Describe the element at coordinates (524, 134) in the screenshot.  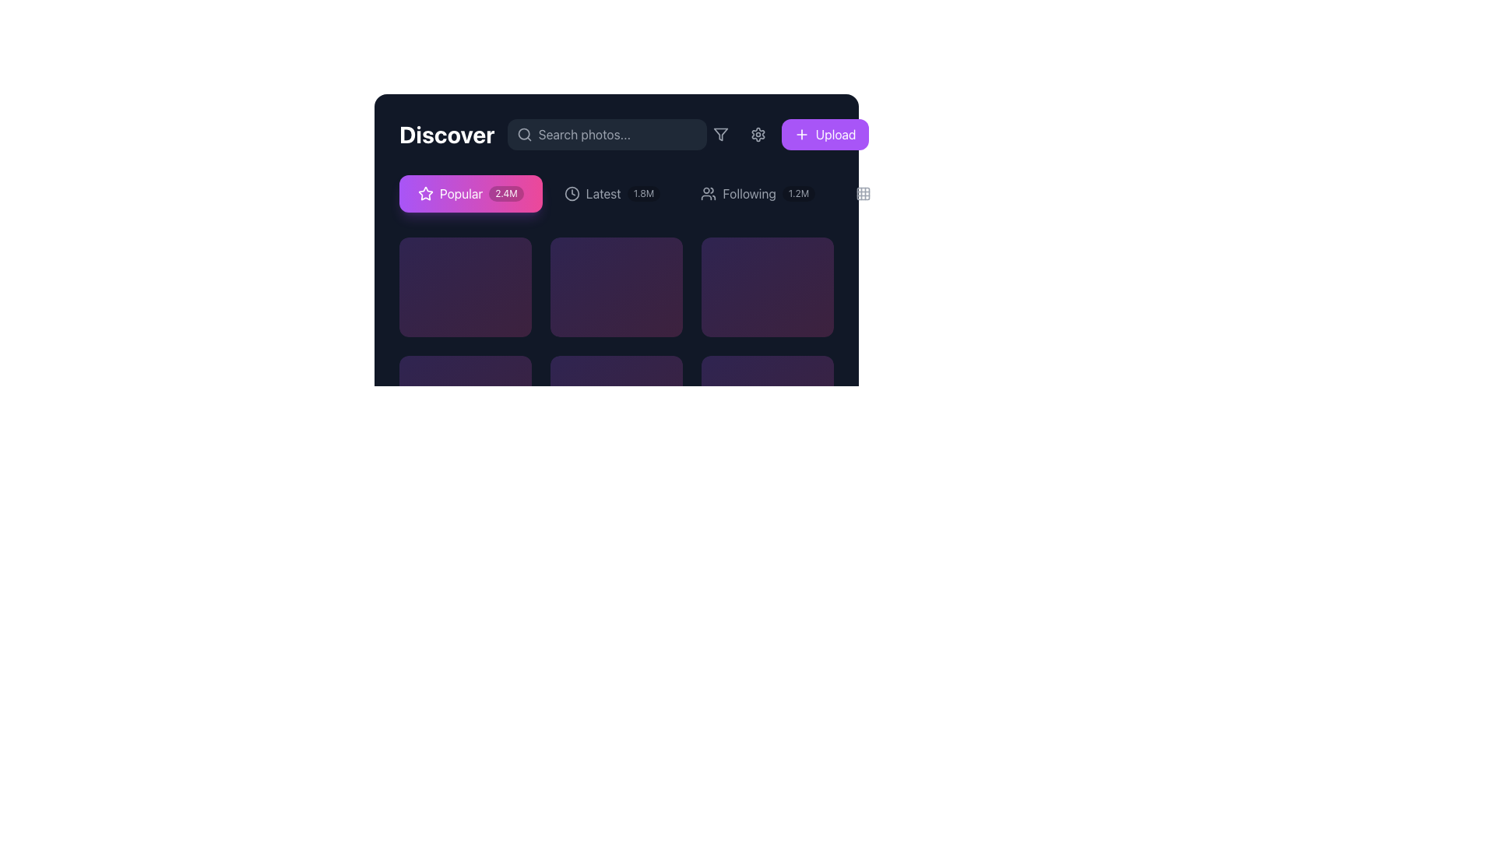
I see `the Search icon, which is a magnifying glass located to the left of the search input field in the top navigation section` at that location.